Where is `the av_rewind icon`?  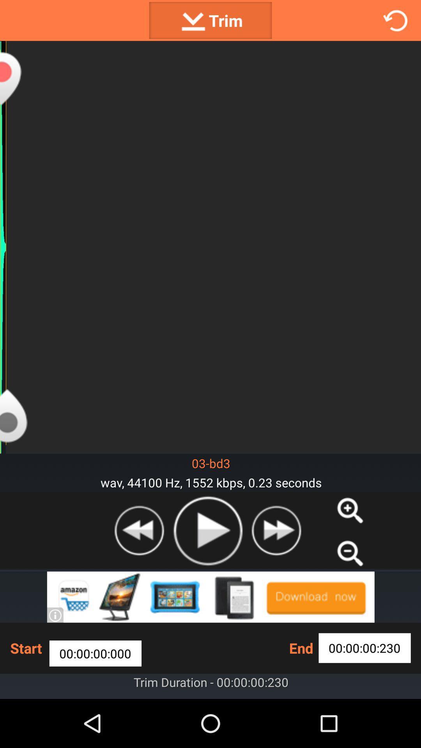 the av_rewind icon is located at coordinates (139, 567).